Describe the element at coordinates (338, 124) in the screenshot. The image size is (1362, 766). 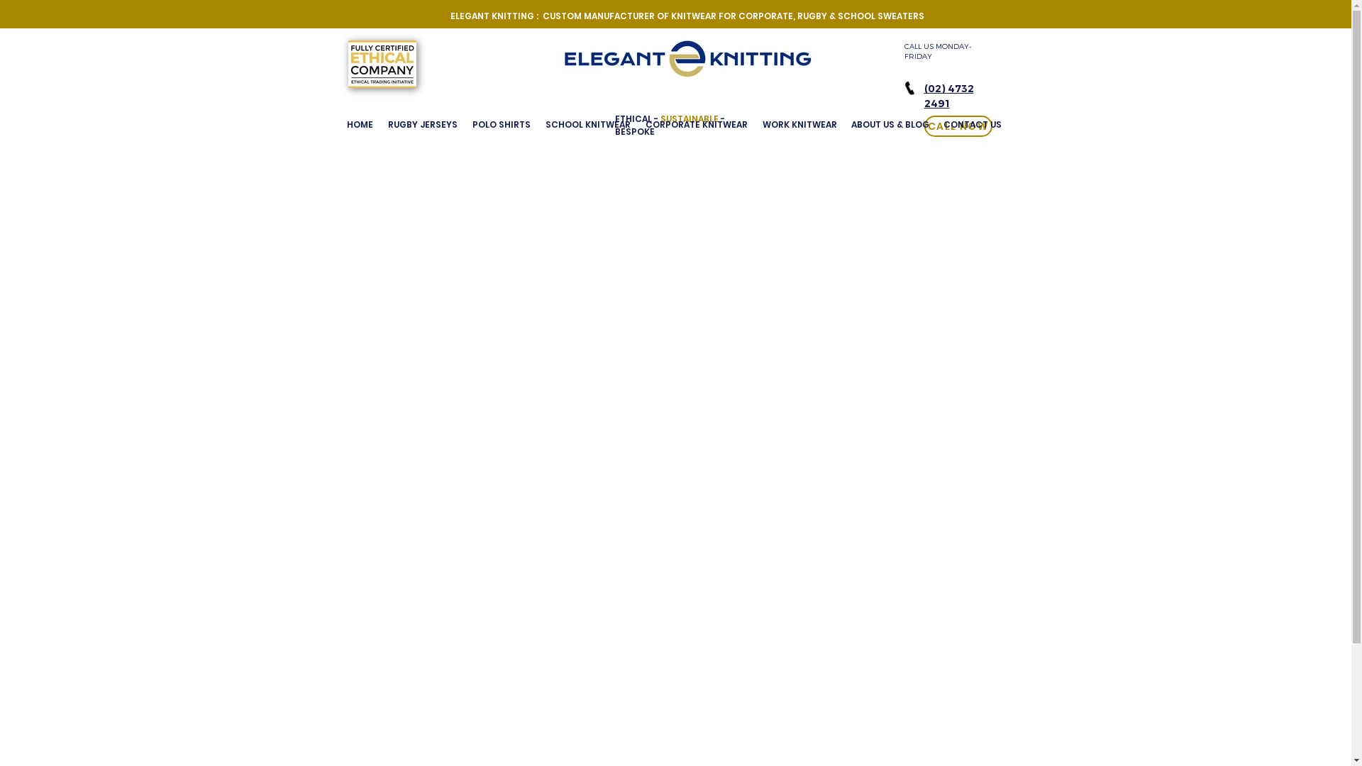
I see `'HOME'` at that location.